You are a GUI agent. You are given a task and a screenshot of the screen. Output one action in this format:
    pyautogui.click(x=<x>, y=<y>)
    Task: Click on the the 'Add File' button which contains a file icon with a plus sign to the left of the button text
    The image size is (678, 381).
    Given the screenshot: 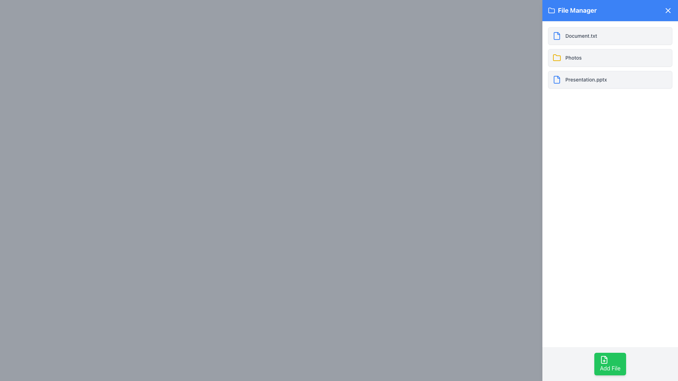 What is the action you would take?
    pyautogui.click(x=603, y=359)
    